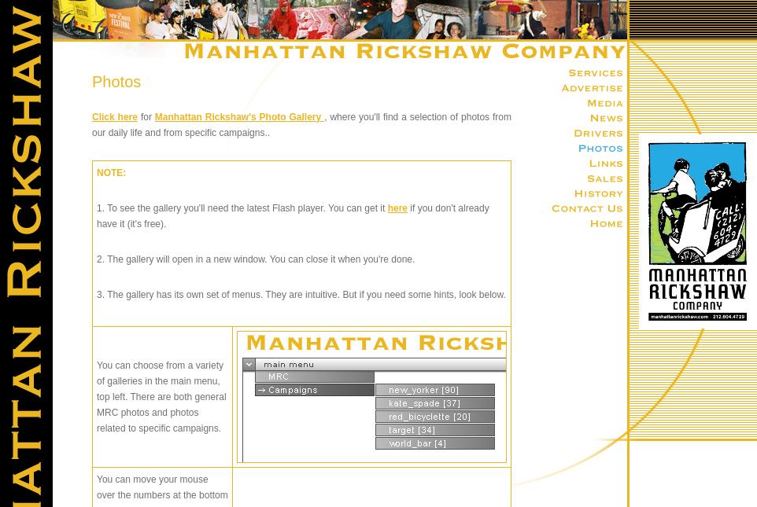  I want to click on '2. The gallery will open in a new window. You can
                          close it when you're done.', so click(254, 259).